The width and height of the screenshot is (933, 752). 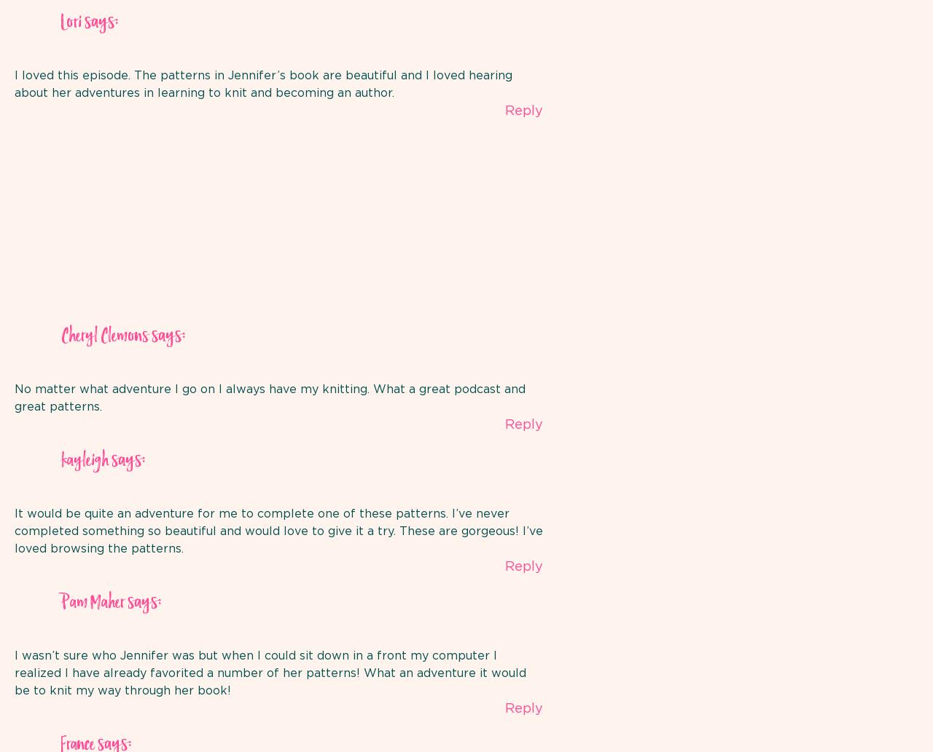 What do you see at coordinates (270, 673) in the screenshot?
I see `'I wasn’t sure who Jennifer was but when I could sit down in a front my computer I realized I have already favorited a number of her patterns!  What an adventure it would be to knit my way through her book!'` at bounding box center [270, 673].